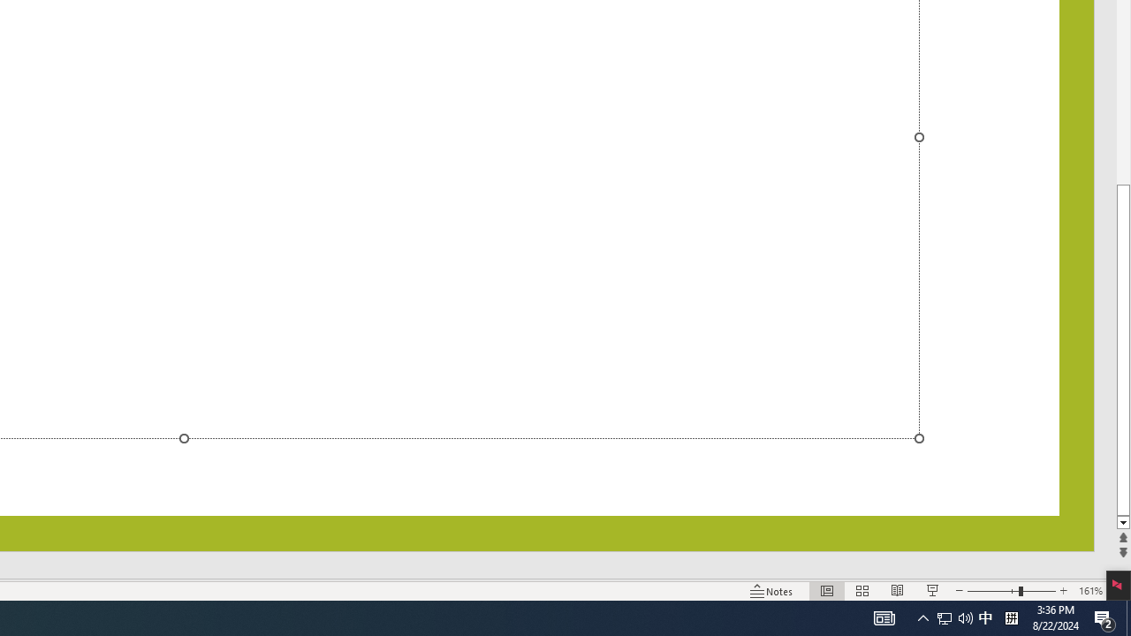  I want to click on 'Normal', so click(826, 591).